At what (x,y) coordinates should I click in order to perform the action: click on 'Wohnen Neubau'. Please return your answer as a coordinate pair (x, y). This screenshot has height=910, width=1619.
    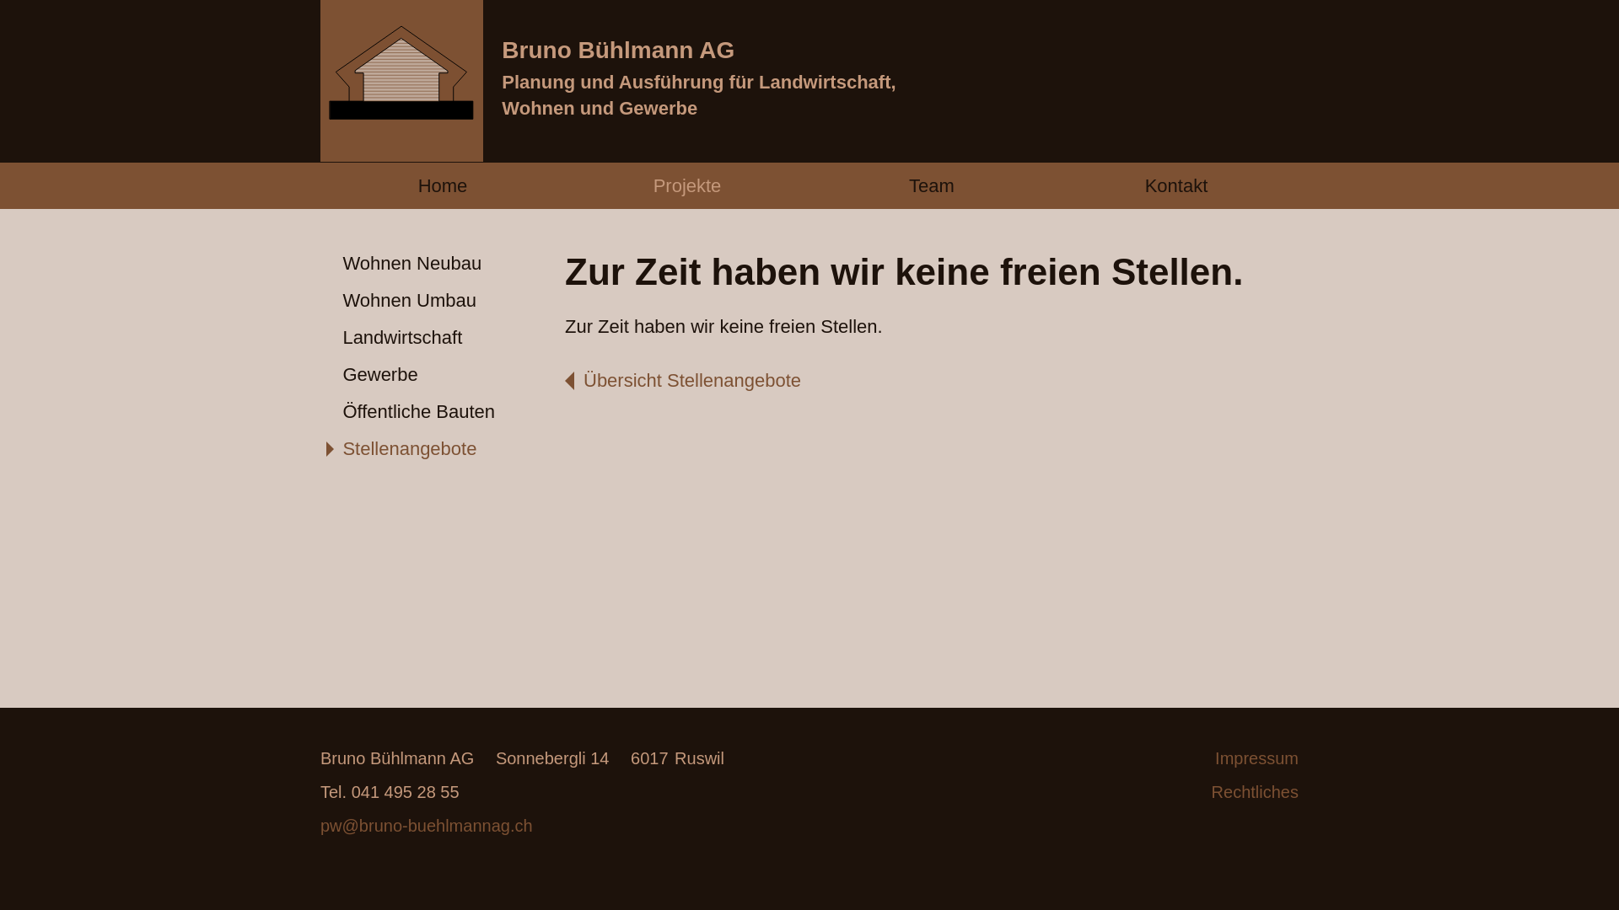
    Looking at the image, I should click on (442, 264).